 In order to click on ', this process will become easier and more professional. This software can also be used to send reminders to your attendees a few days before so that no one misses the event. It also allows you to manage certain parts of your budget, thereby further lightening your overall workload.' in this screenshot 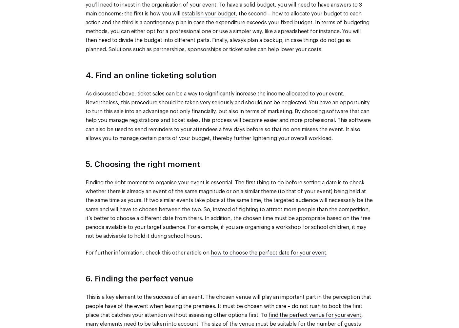, I will do `click(228, 129)`.